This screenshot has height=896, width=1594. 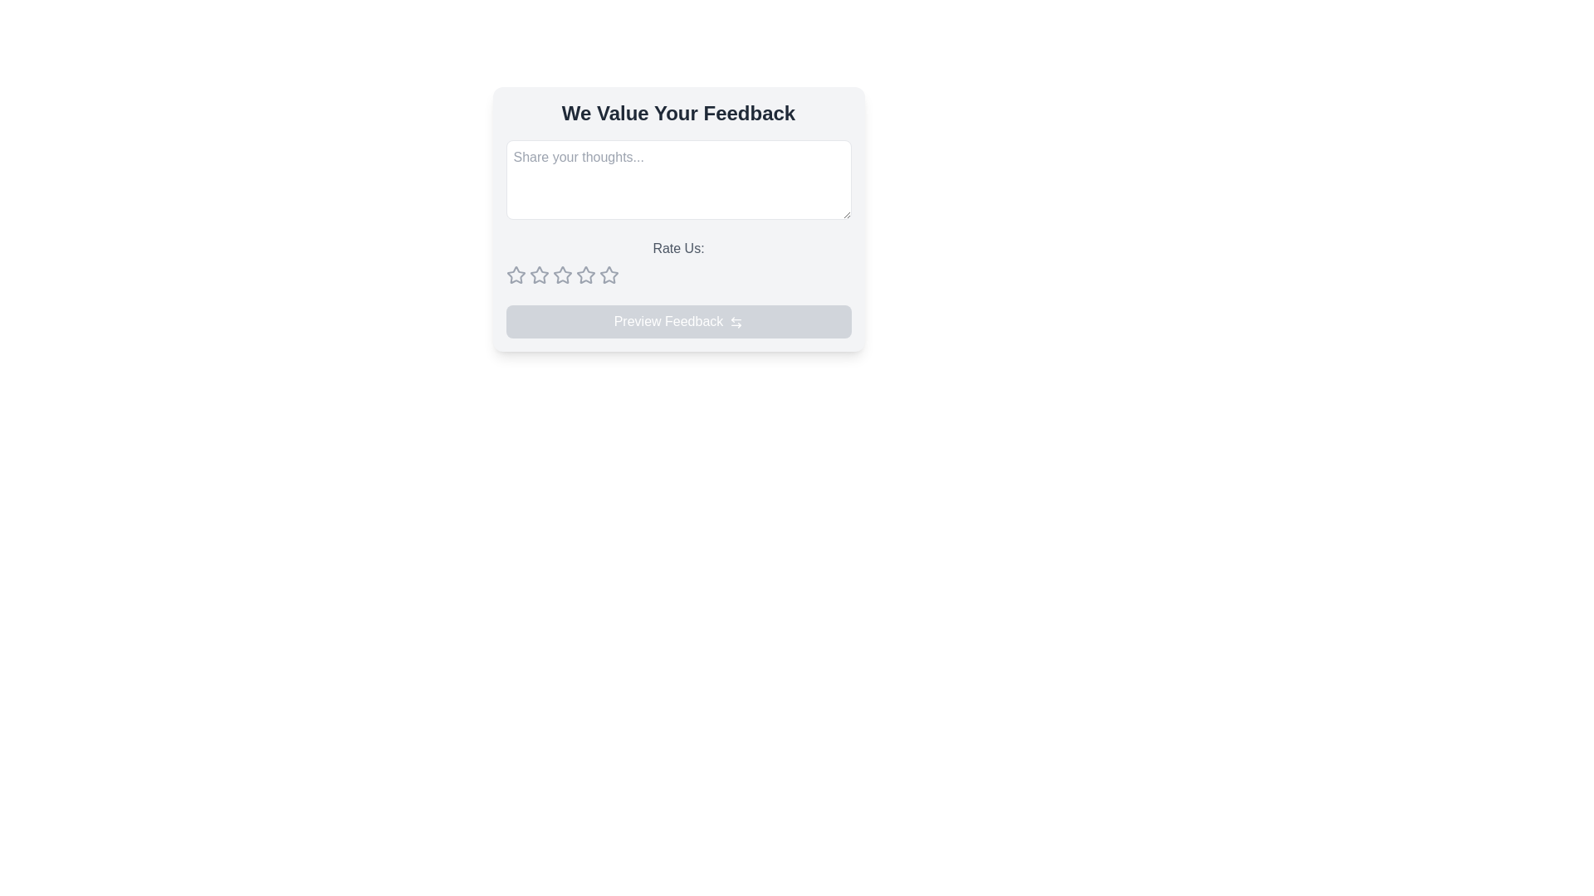 I want to click on the third star-shaped icon in the rating system, so click(x=562, y=274).